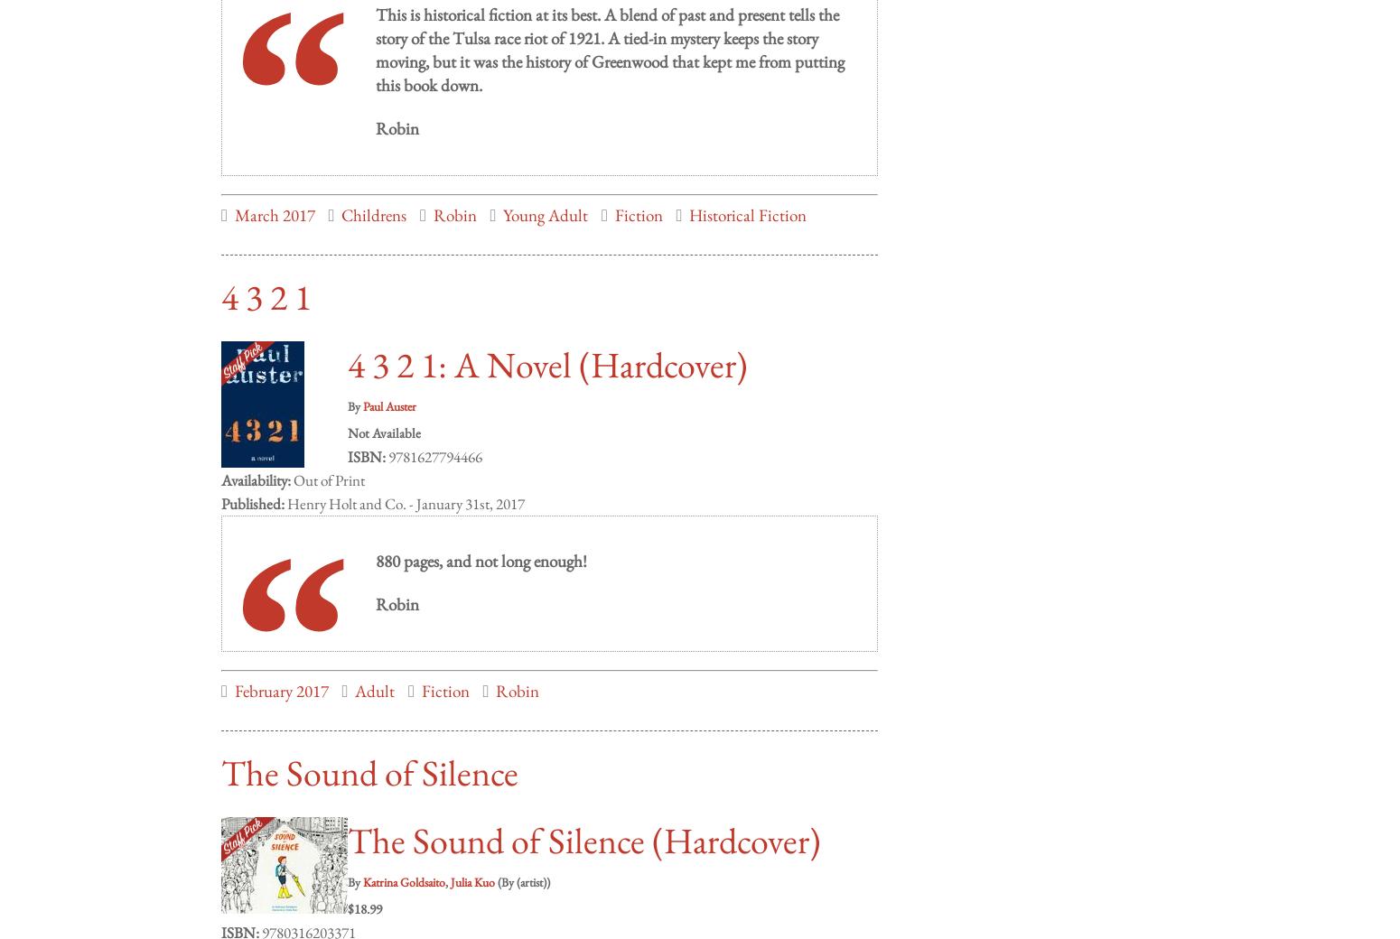 Image resolution: width=1400 pixels, height=939 pixels. I want to click on 'Young Adult', so click(546, 197).